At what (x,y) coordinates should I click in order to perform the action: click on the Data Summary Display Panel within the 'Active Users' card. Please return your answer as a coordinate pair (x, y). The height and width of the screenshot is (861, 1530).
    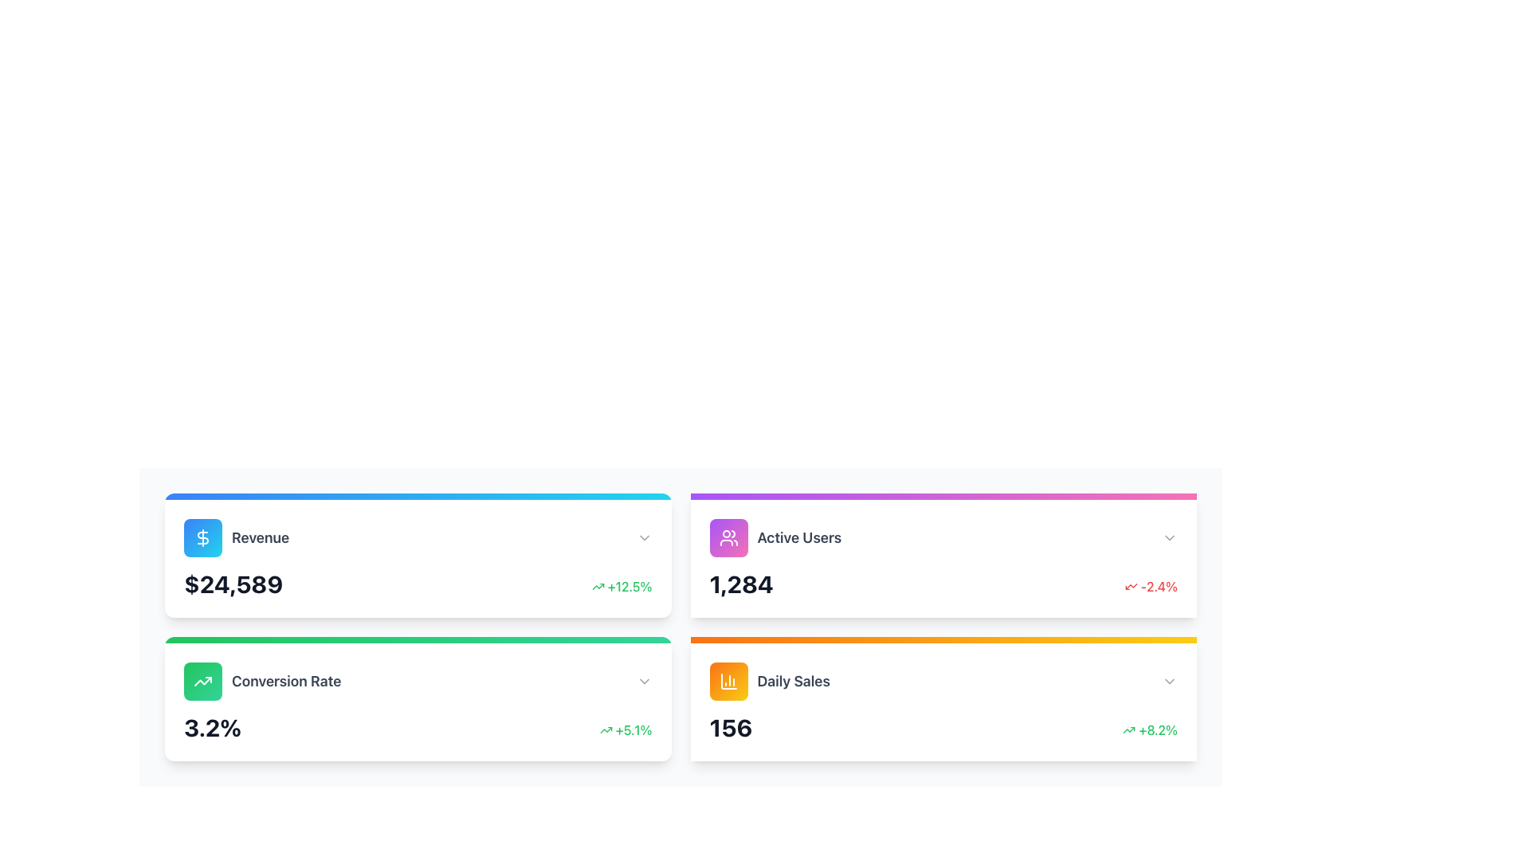
    Looking at the image, I should click on (943, 584).